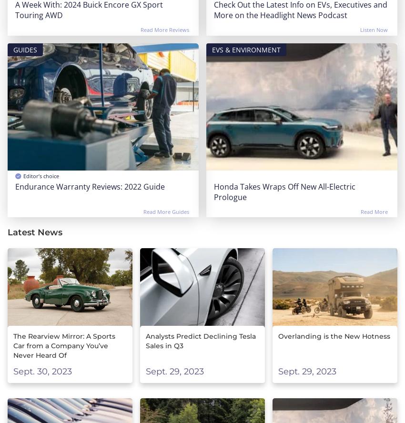 This screenshot has width=405, height=423. I want to click on 'Latest News', so click(7, 232).